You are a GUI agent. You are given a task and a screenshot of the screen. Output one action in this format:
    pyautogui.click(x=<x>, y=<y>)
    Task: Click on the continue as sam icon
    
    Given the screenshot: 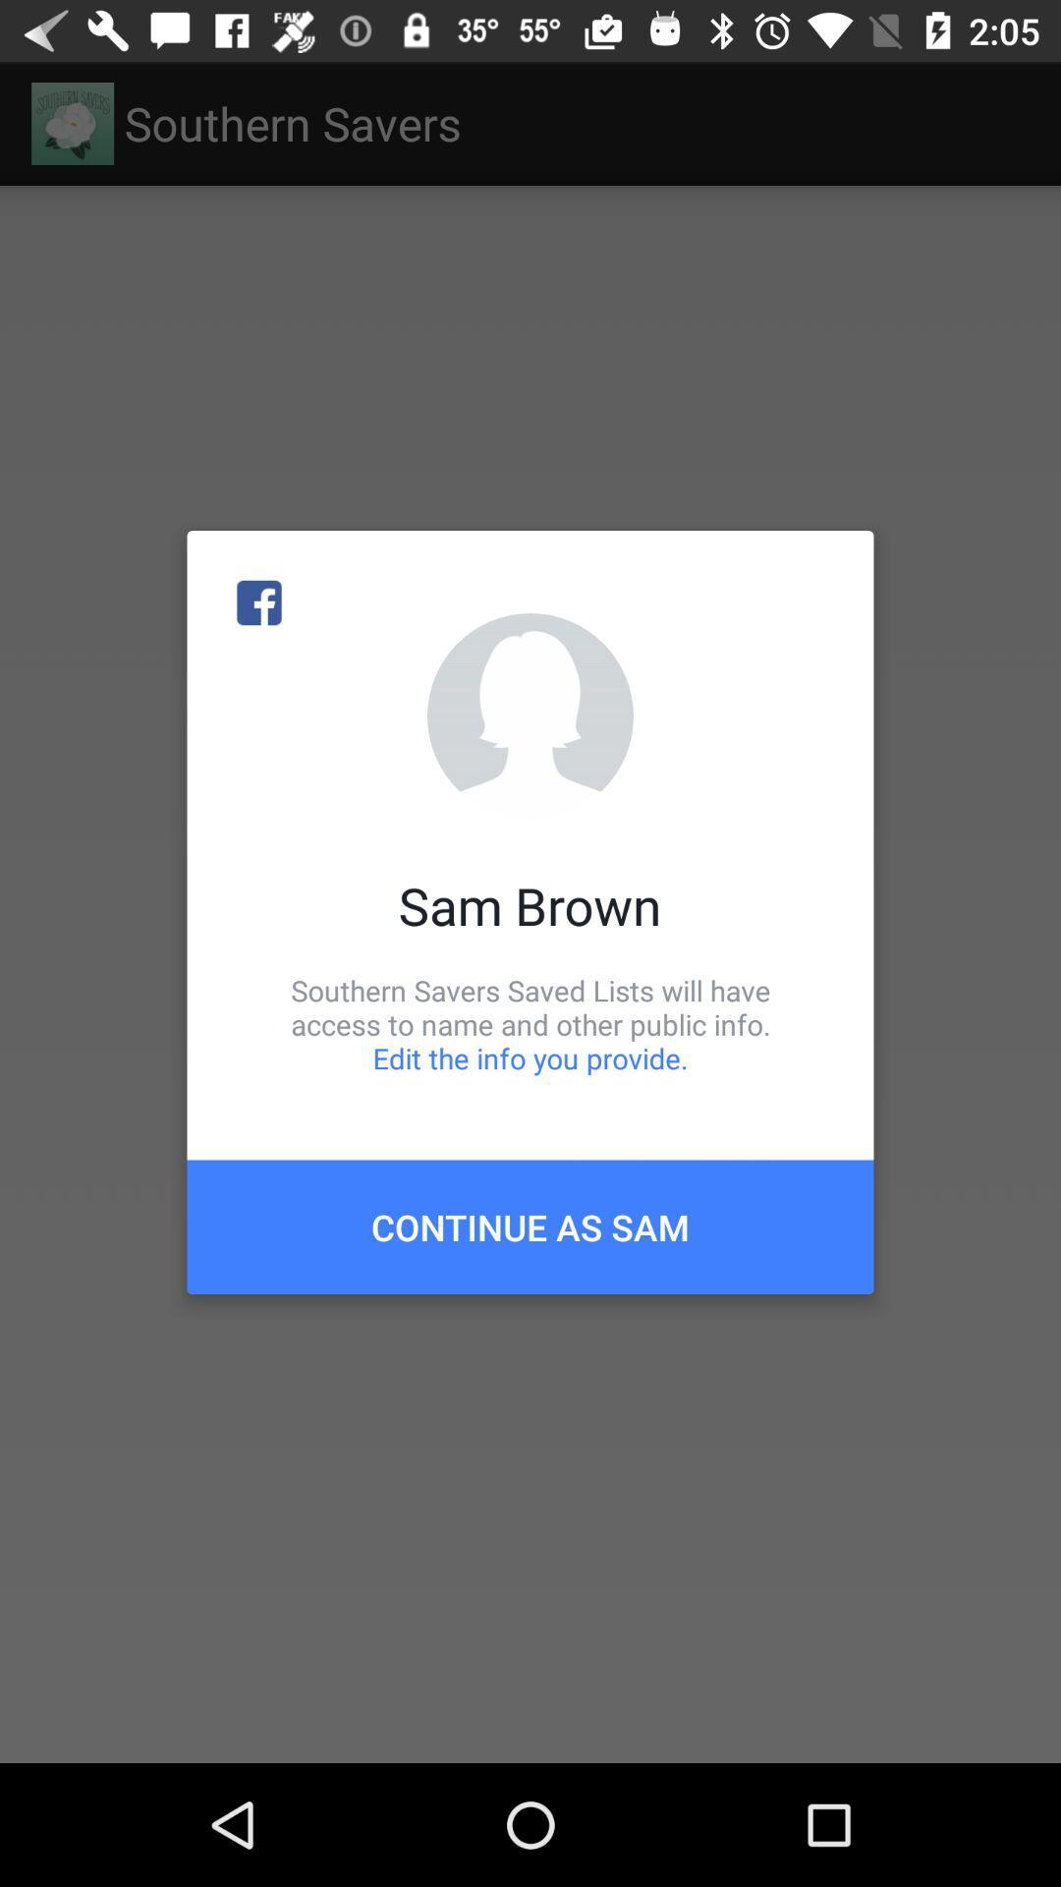 What is the action you would take?
    pyautogui.click(x=530, y=1226)
    